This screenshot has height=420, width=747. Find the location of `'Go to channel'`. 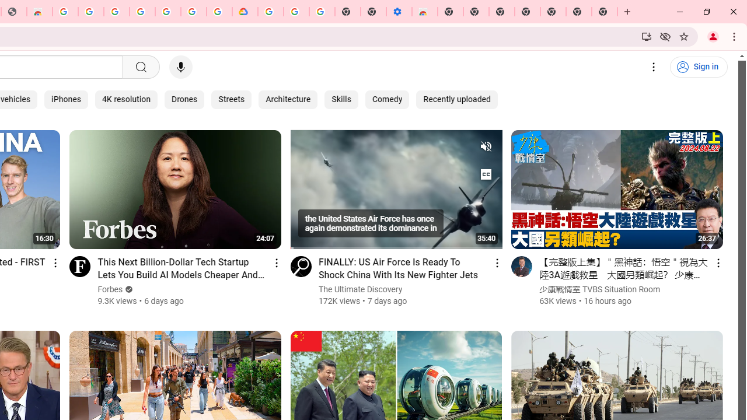

'Go to channel' is located at coordinates (521, 266).